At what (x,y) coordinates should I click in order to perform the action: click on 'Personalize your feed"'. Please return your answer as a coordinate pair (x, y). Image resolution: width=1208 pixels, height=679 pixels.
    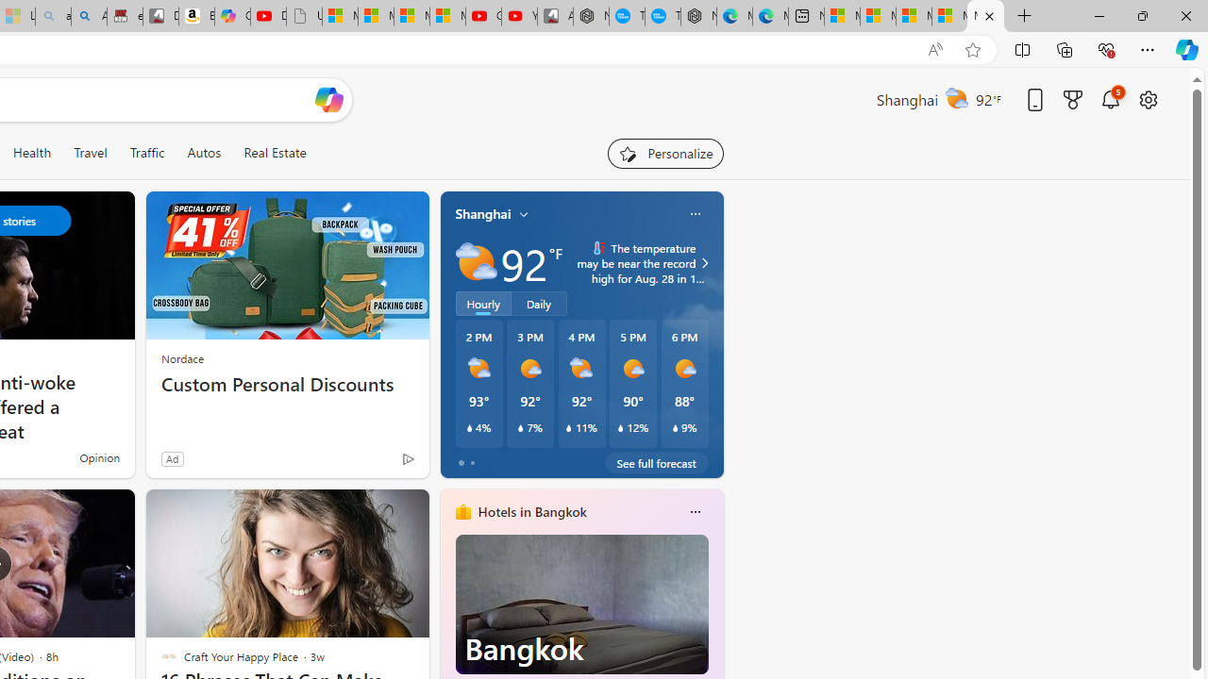
    Looking at the image, I should click on (665, 153).